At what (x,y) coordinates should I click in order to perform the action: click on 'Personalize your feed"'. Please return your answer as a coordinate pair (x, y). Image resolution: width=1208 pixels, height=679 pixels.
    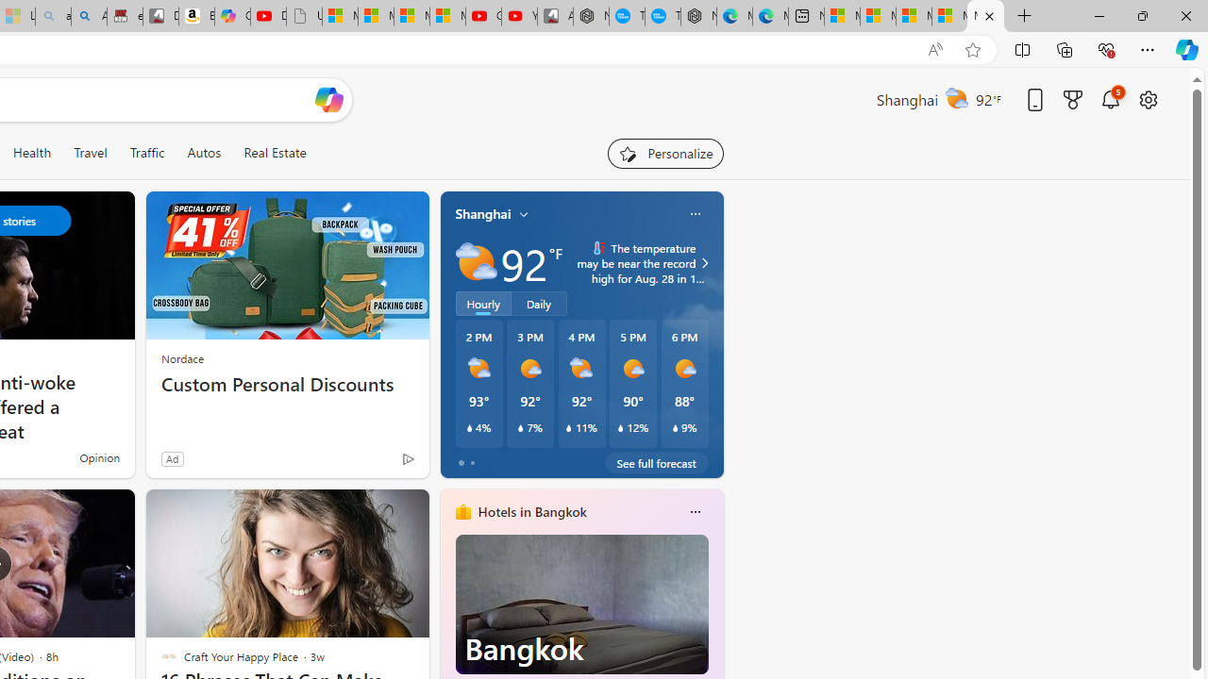
    Looking at the image, I should click on (665, 153).